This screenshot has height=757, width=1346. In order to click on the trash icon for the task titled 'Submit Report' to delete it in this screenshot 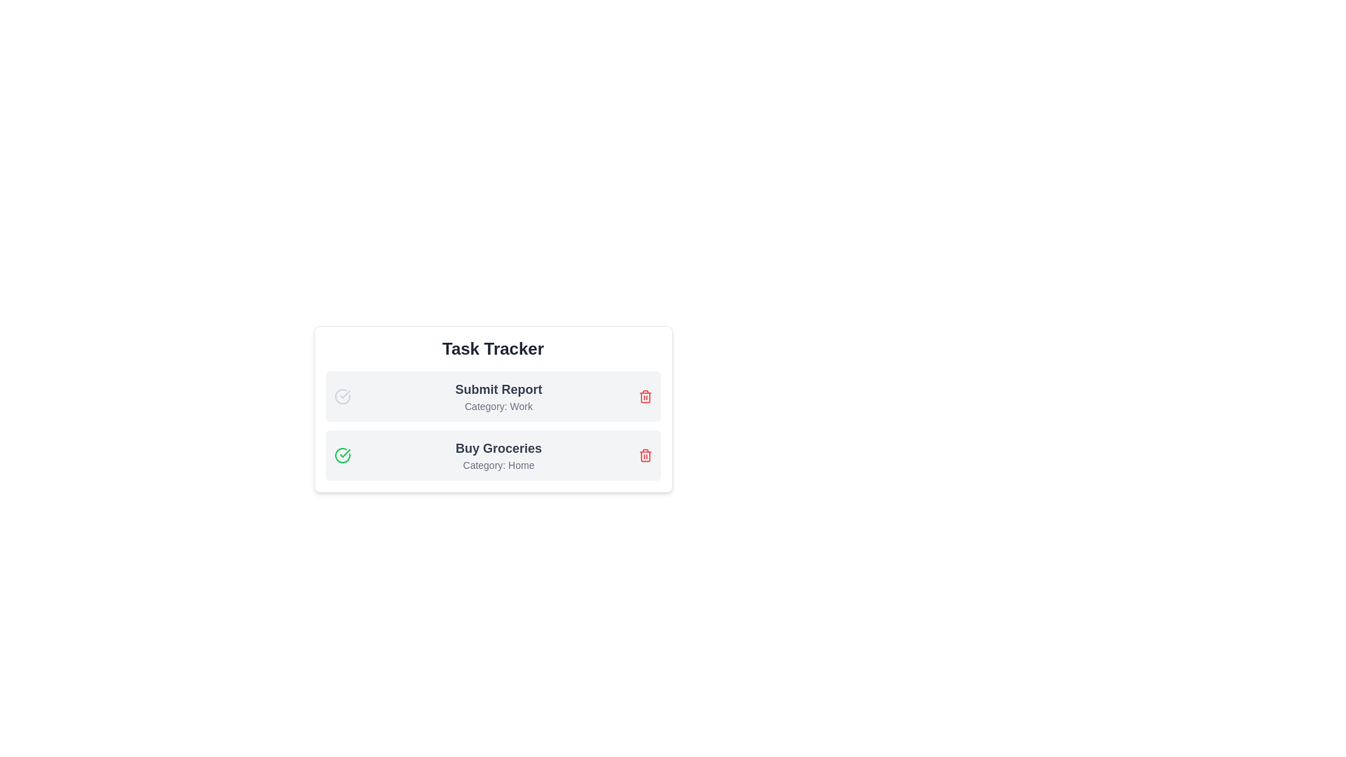, I will do `click(644, 397)`.